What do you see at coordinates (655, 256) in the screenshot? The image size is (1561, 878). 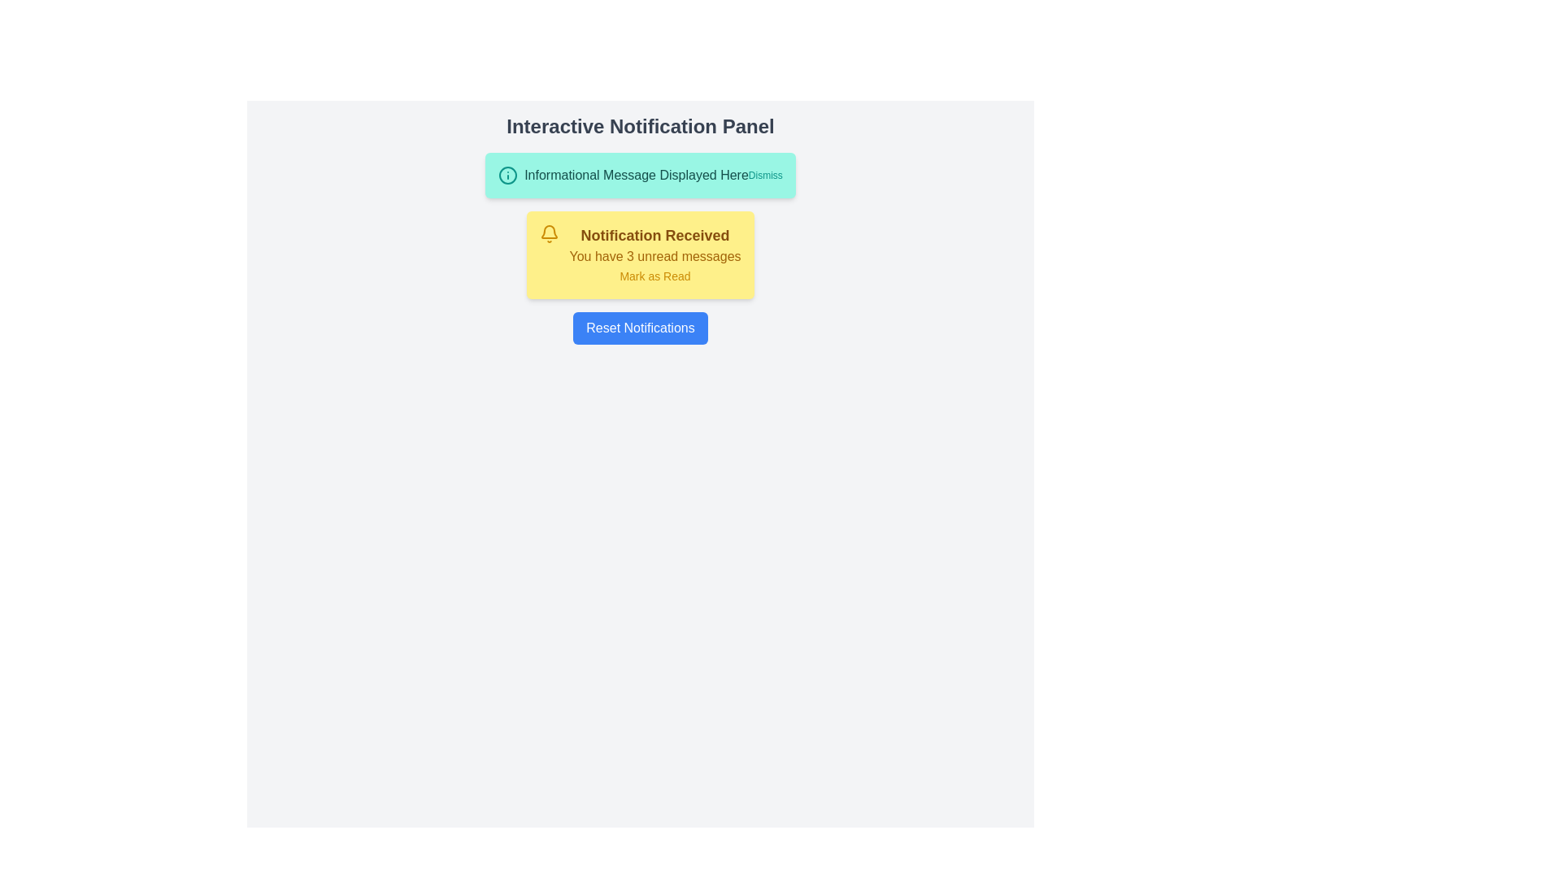 I see `the text element that indicates the number of unread messages, located in the center of the yellow notification card, between the title 'Notification Received' and the clickable text 'Mark as Read'` at bounding box center [655, 256].